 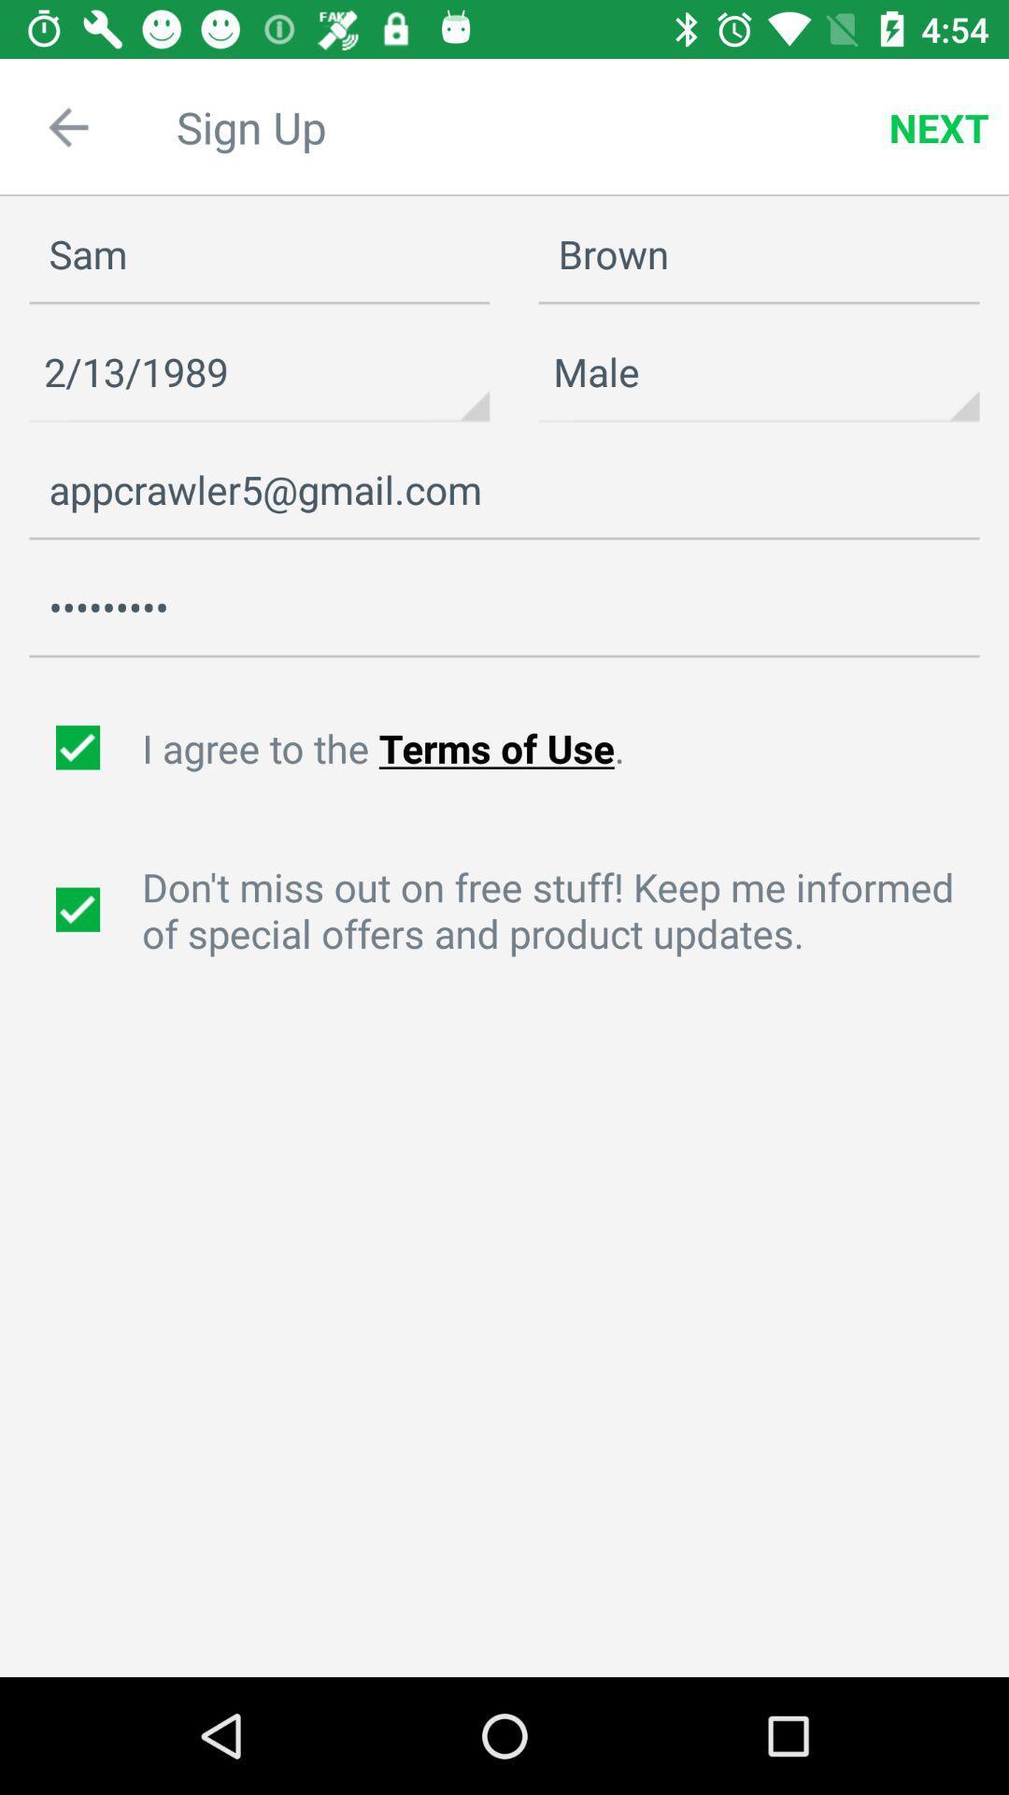 I want to click on the sam, so click(x=259, y=254).